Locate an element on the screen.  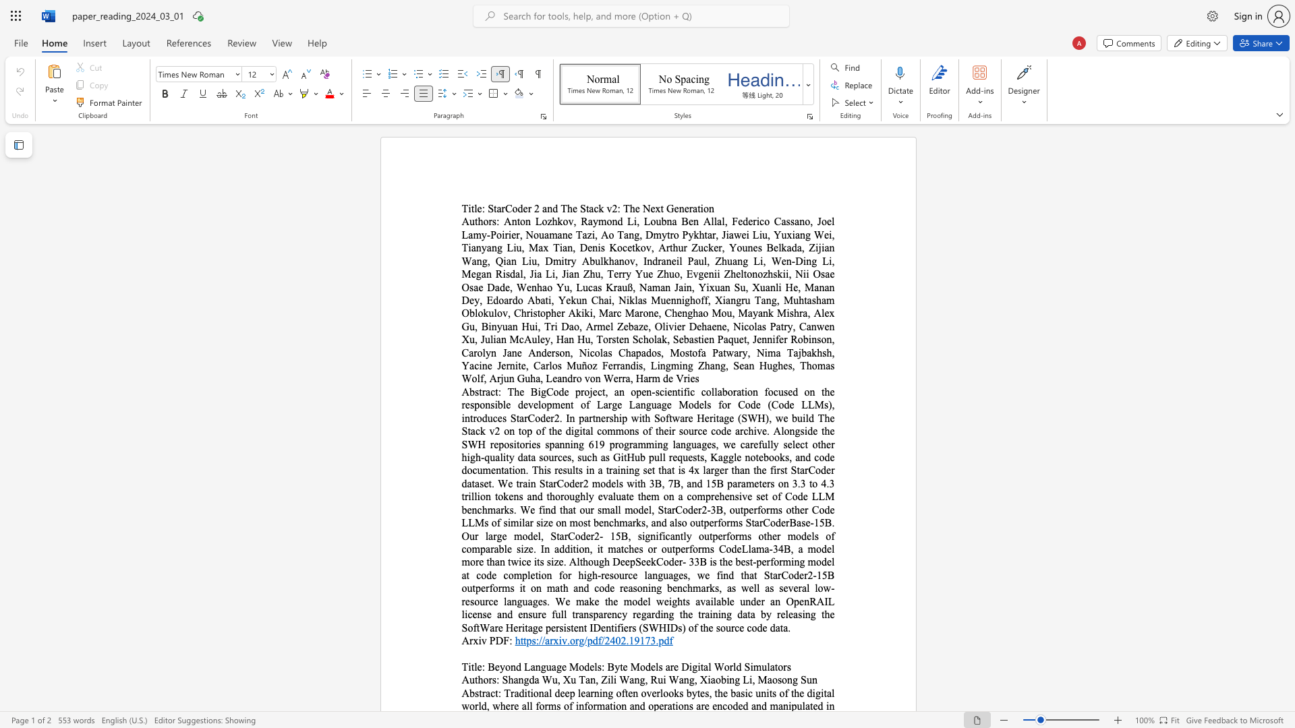
the subset text "rCoder 2 and Th" within the text "StarCoder 2 and The Stack v2: The Next Generation" is located at coordinates (500, 208).